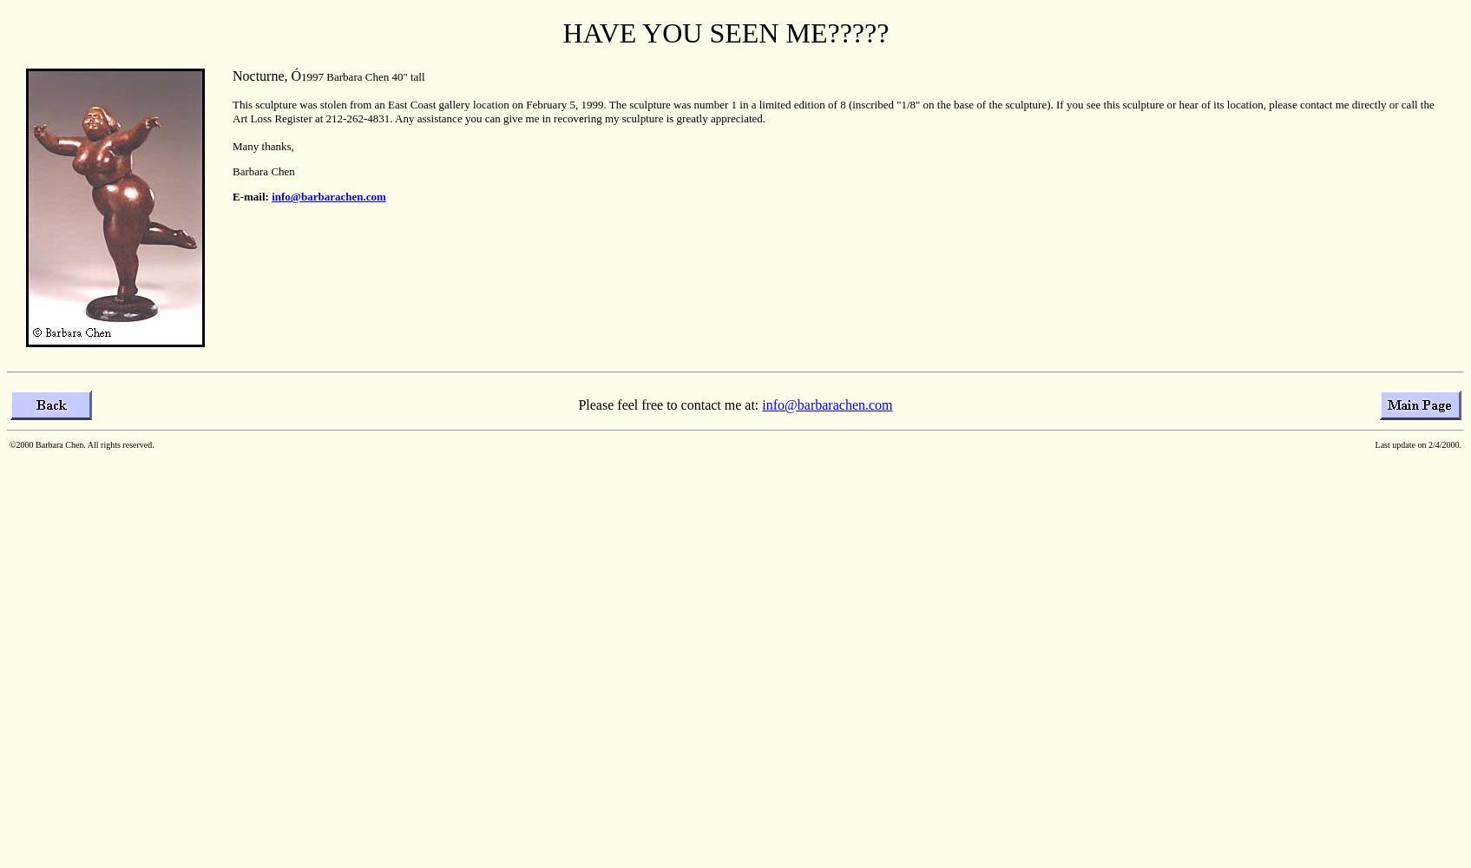 The height and width of the screenshot is (868, 1471). What do you see at coordinates (669, 403) in the screenshot?
I see `'Please feel free to contact me at:'` at bounding box center [669, 403].